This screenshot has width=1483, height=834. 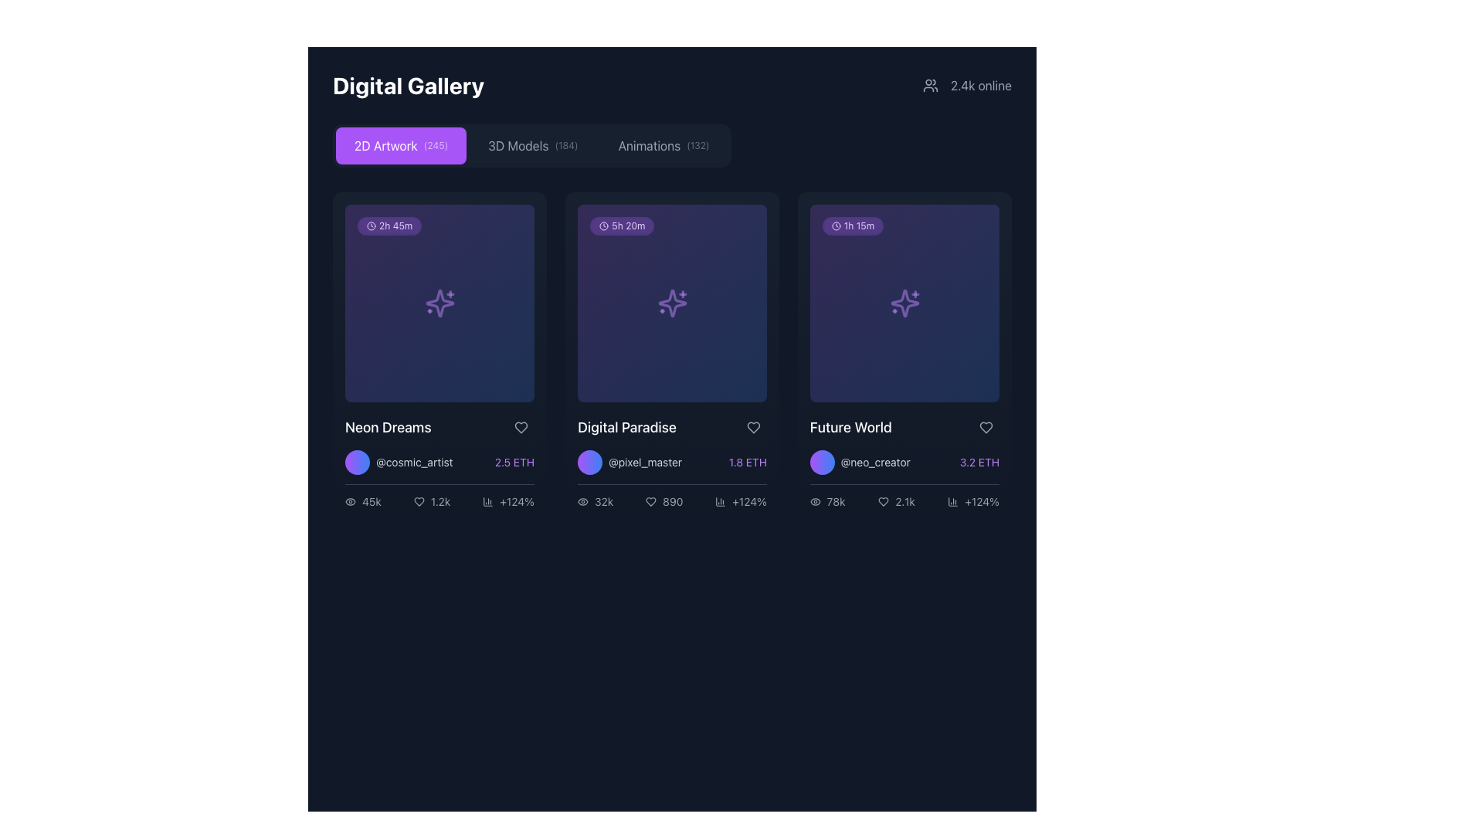 What do you see at coordinates (753, 428) in the screenshot?
I see `the heart-shaped icon to favorite the item 'Digital Paradise', located next to the '1.8 ETH' price label in the third card of the gallery` at bounding box center [753, 428].